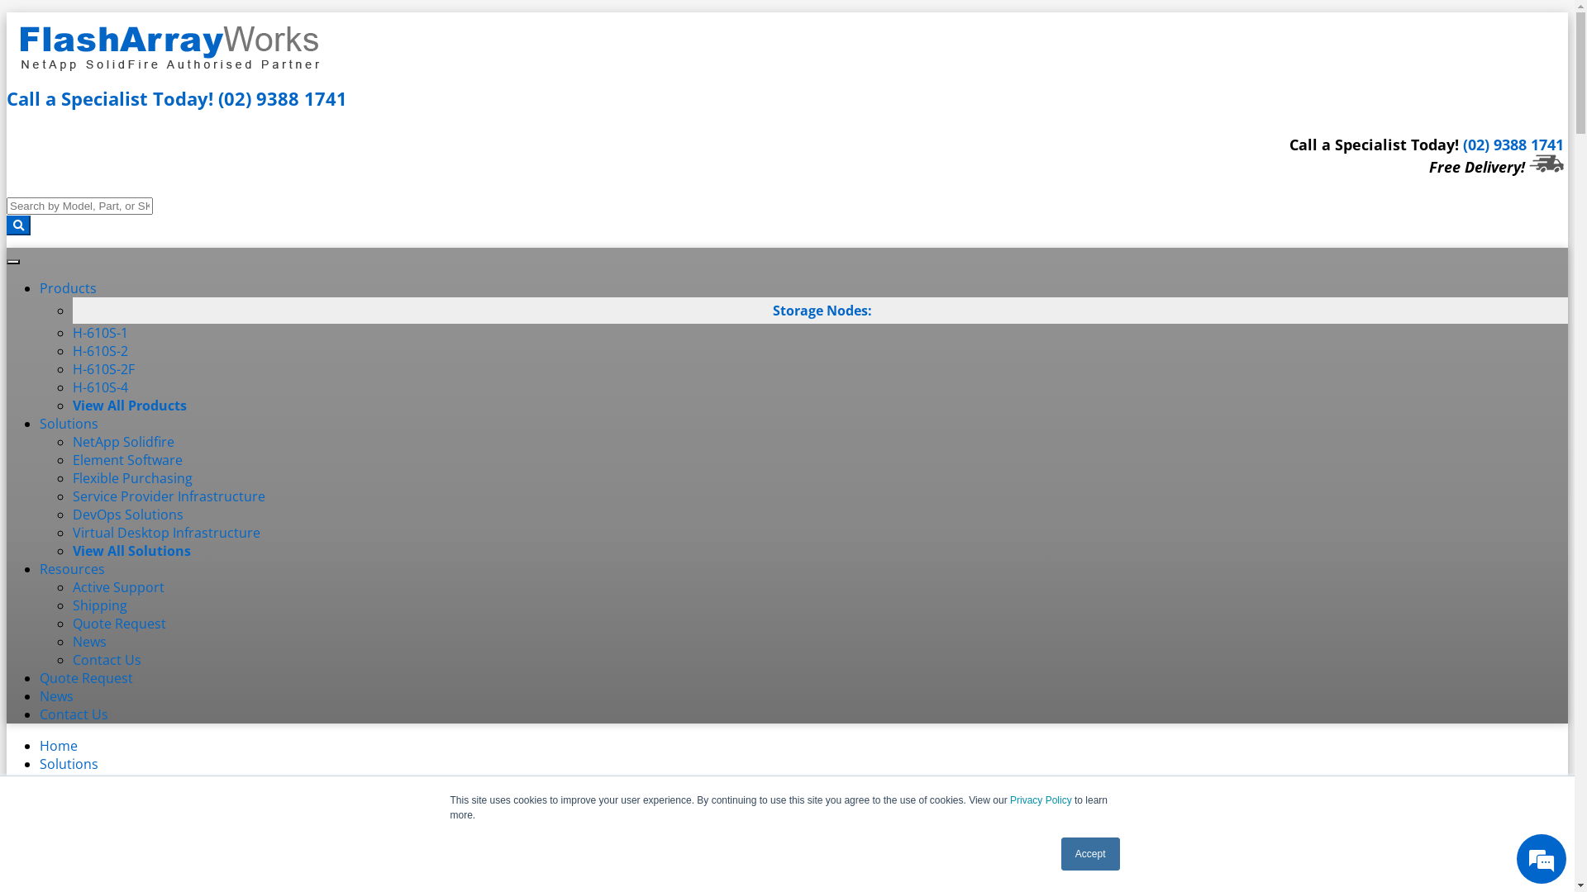 This screenshot has width=1587, height=892. I want to click on '(02) 9388 1741', so click(217, 98).